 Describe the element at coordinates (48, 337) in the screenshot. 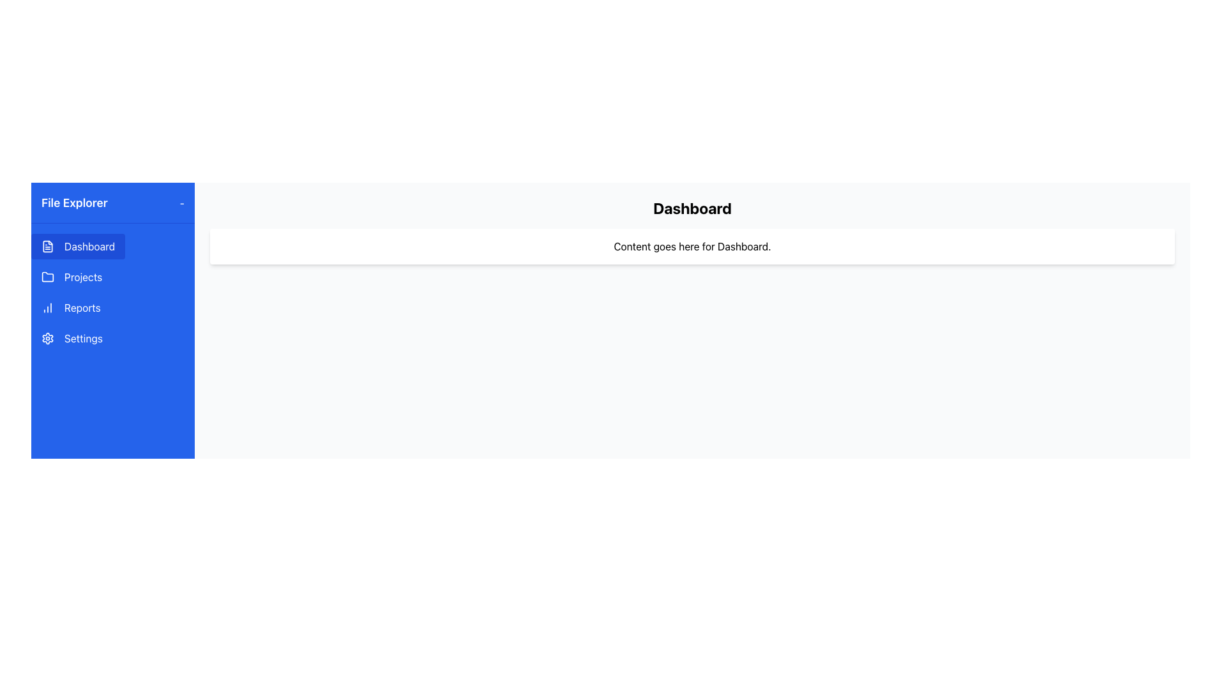

I see `the settings button located to the left of the 'Settings' text in the vertical sidebar` at that location.